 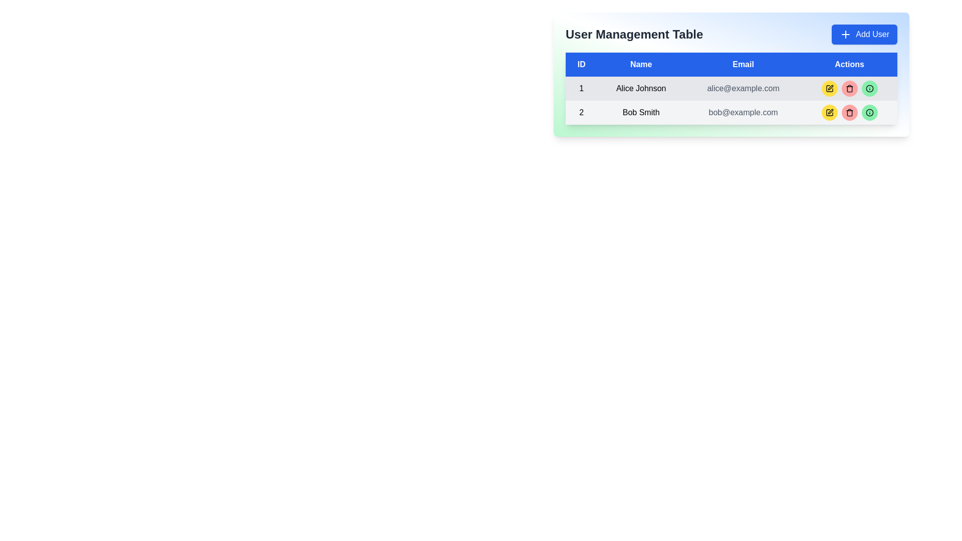 What do you see at coordinates (581, 112) in the screenshot?
I see `the Text label in the second row of the table under the 'ID' column, which serves as a unique identifier for the record` at bounding box center [581, 112].